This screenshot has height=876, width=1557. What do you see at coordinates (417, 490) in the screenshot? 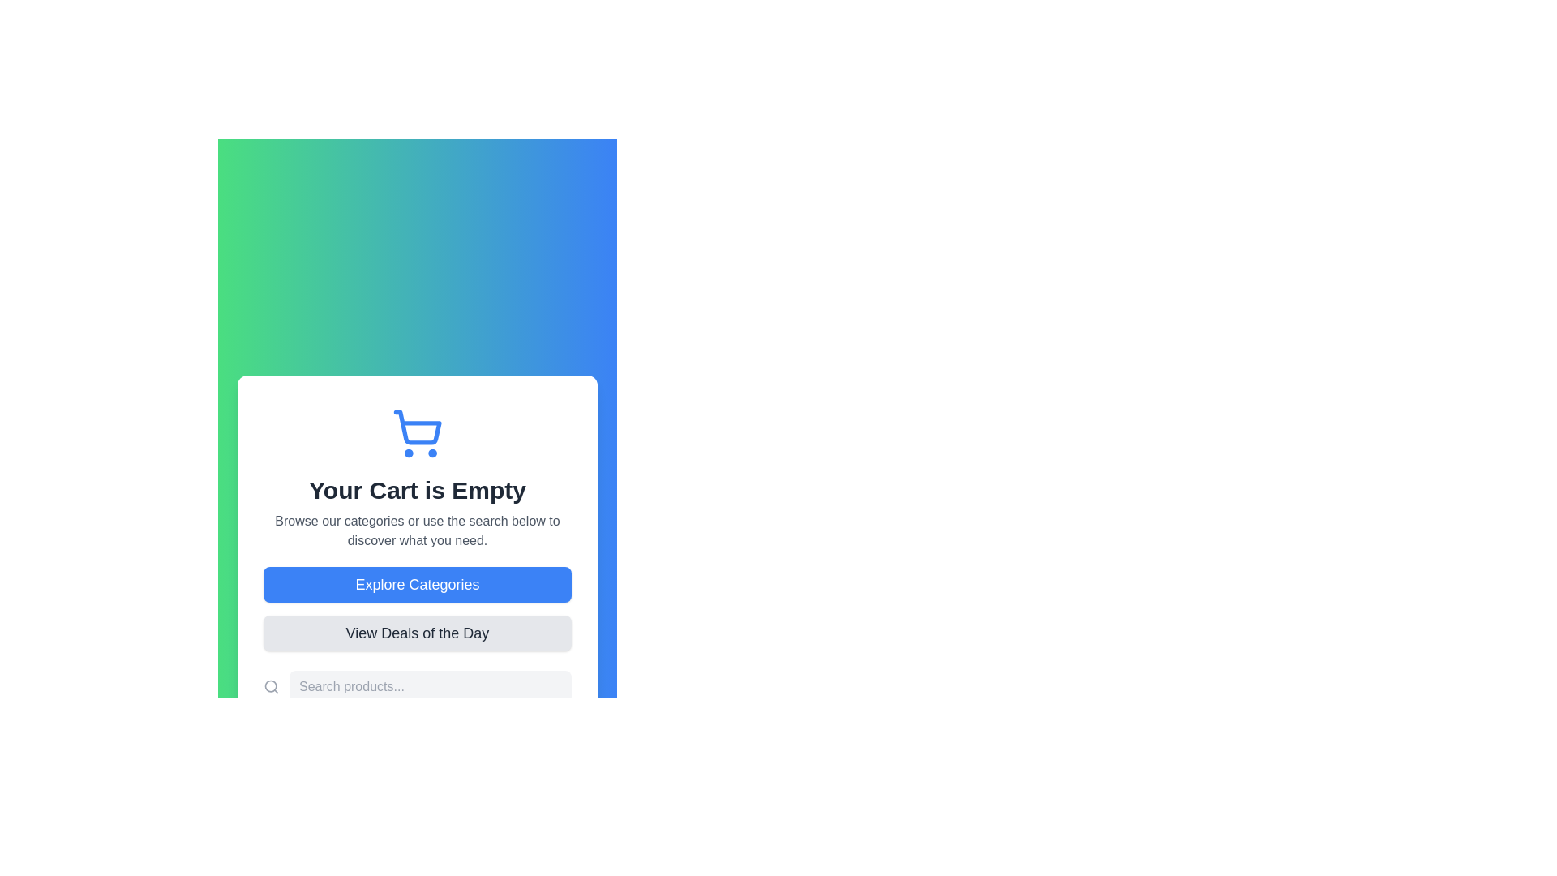
I see `the text indicating that the shopping cart is currently empty, which is located directly below the shopping cart icon and above additional subtext` at bounding box center [417, 490].